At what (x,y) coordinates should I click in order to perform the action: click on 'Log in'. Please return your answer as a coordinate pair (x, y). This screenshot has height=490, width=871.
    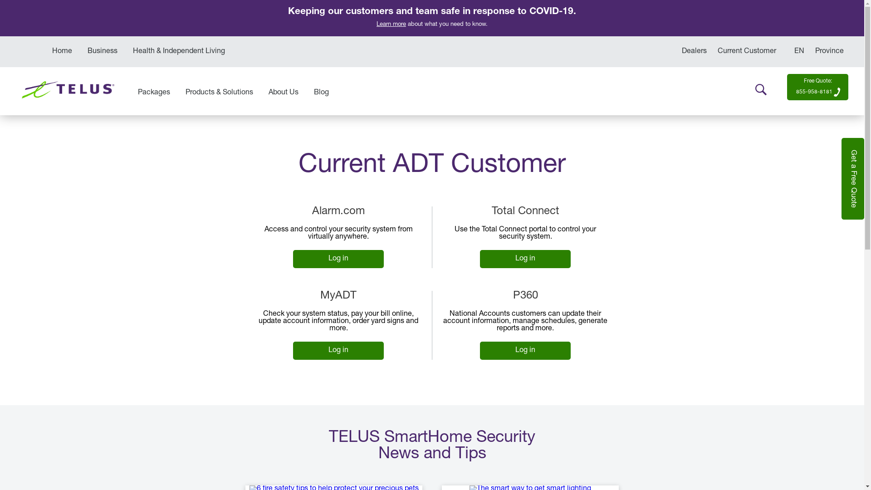
    Looking at the image, I should click on (338, 259).